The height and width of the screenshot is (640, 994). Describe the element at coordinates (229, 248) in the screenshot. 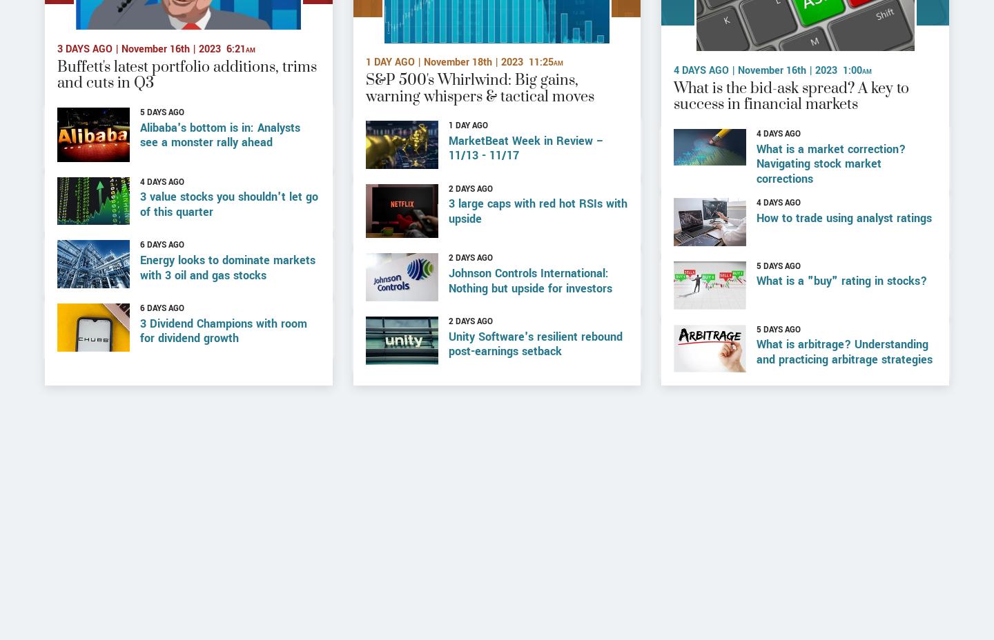

I see `'3 value stocks you shouldn't let go of this quarter'` at that location.